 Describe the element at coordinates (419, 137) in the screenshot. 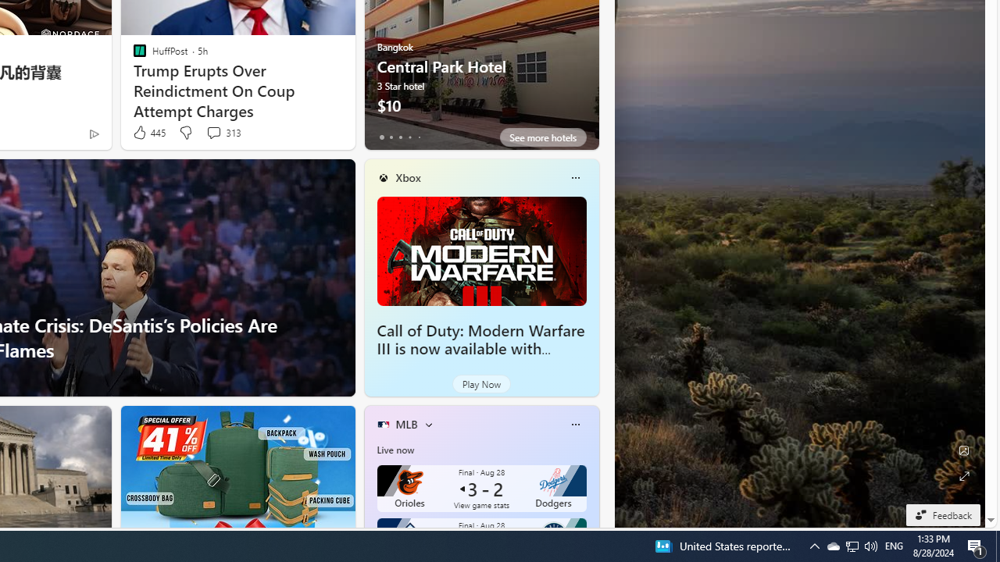

I see `'tab-4'` at that location.